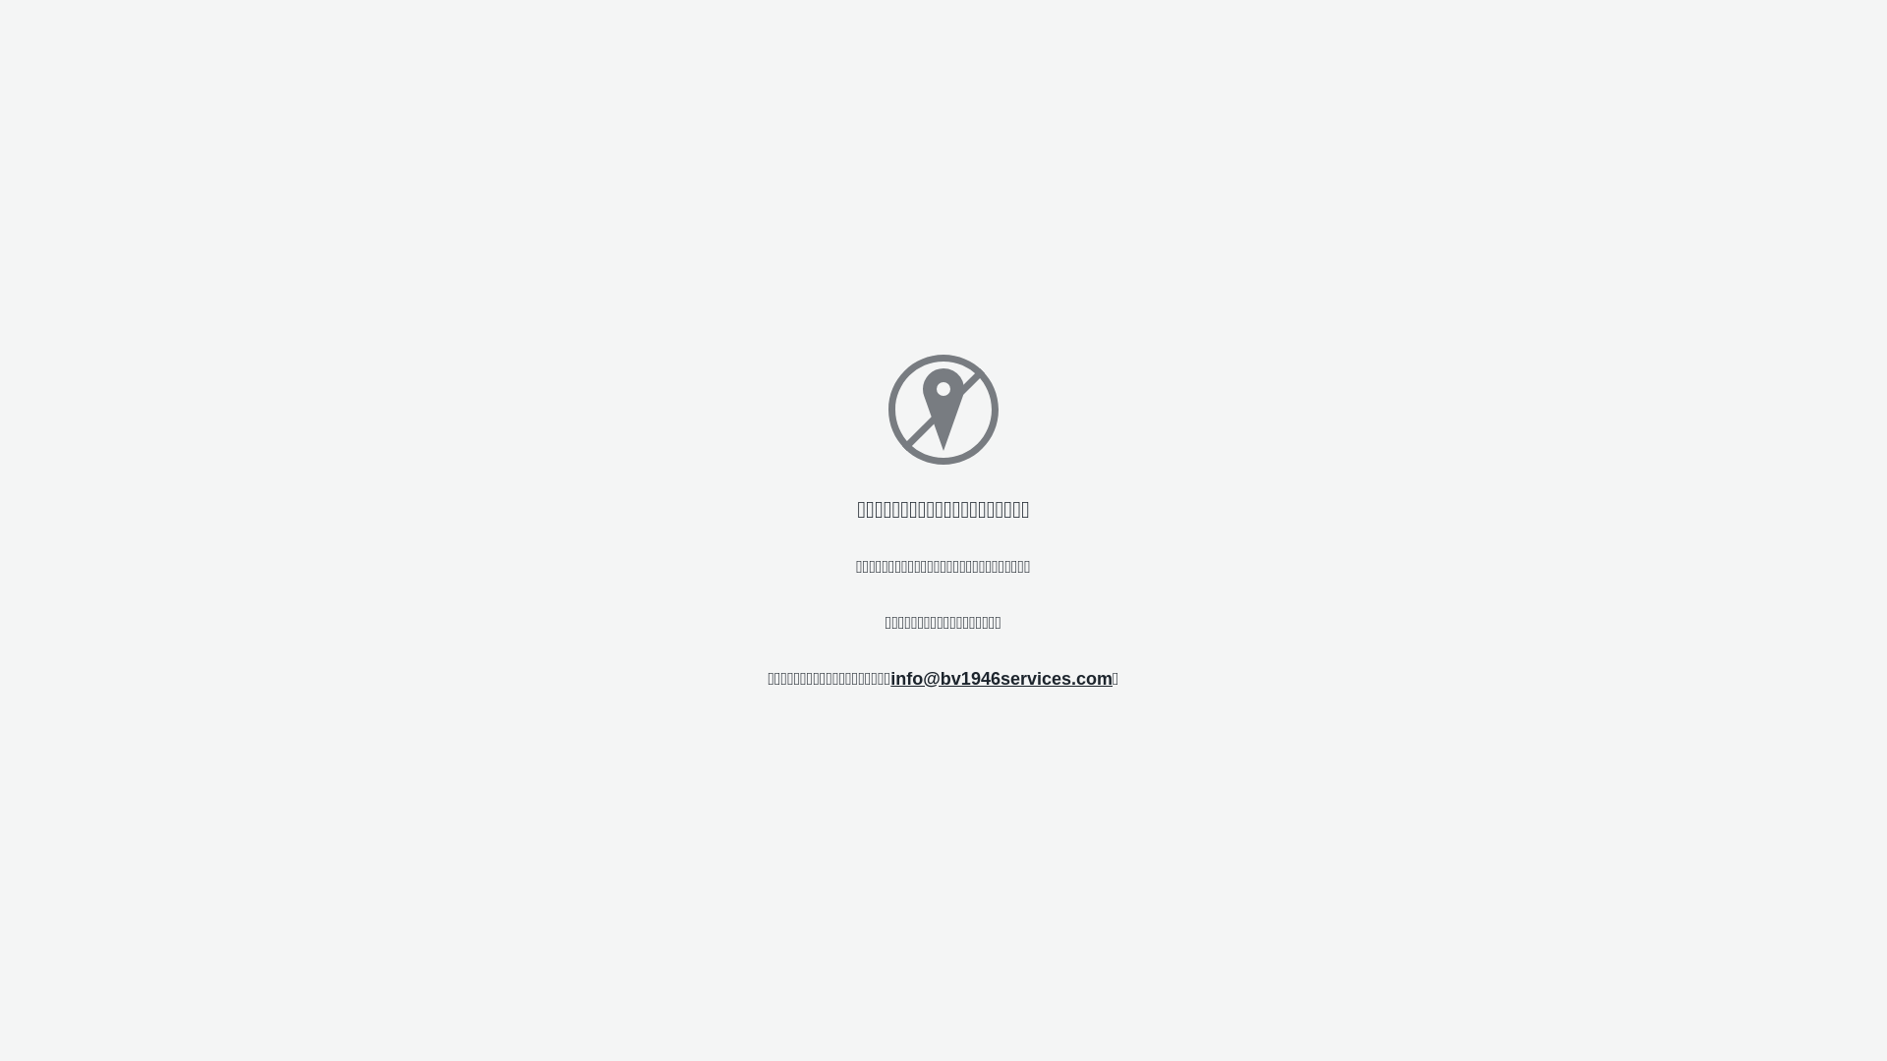 This screenshot has height=1061, width=1887. Describe the element at coordinates (1001, 677) in the screenshot. I see `'info@bv1946services.com'` at that location.